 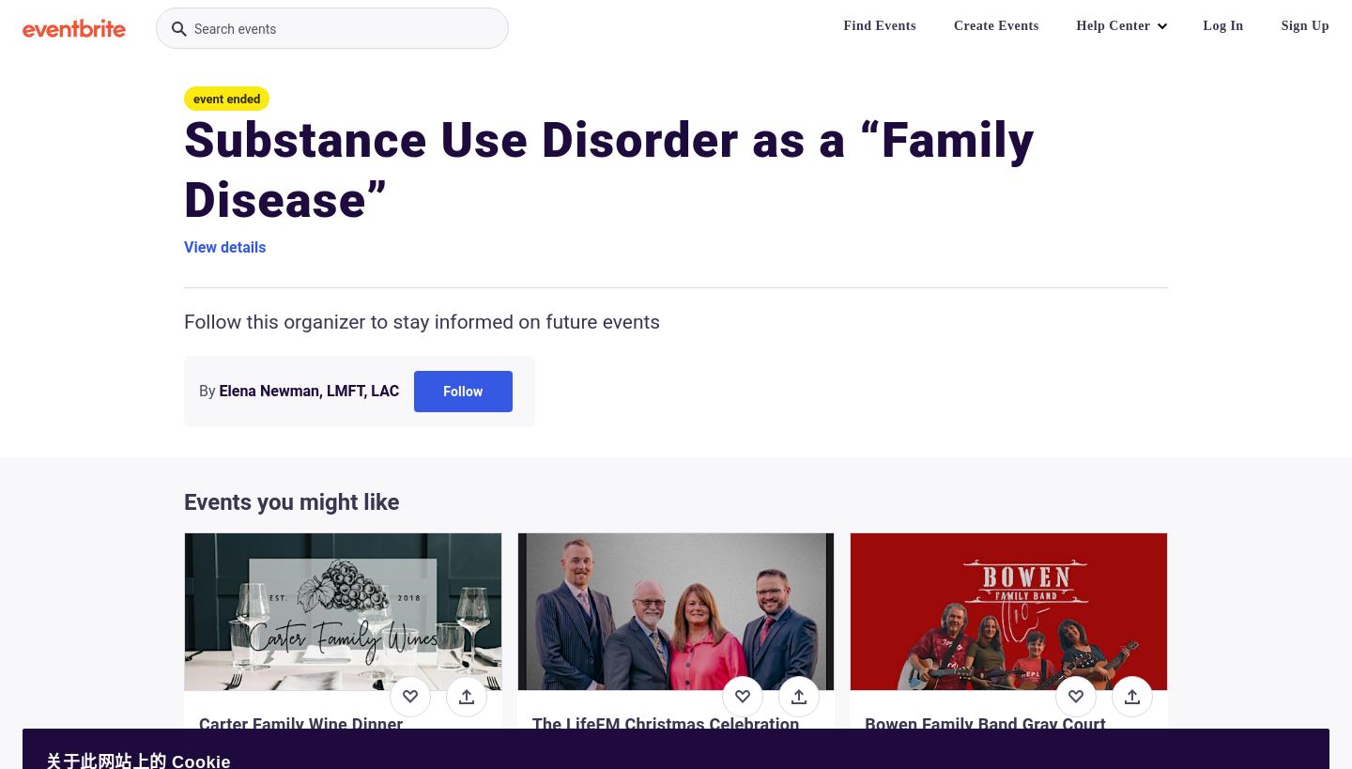 What do you see at coordinates (879, 24) in the screenshot?
I see `'Find Events'` at bounding box center [879, 24].